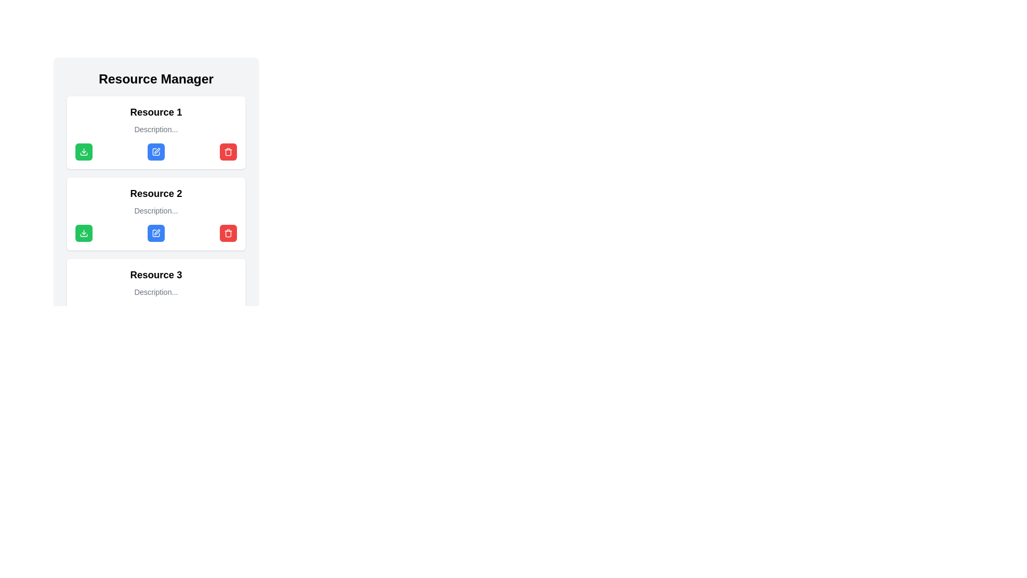  Describe the element at coordinates (83, 232) in the screenshot. I see `the download button represented by the green button labeled 'Resource 1'` at that location.